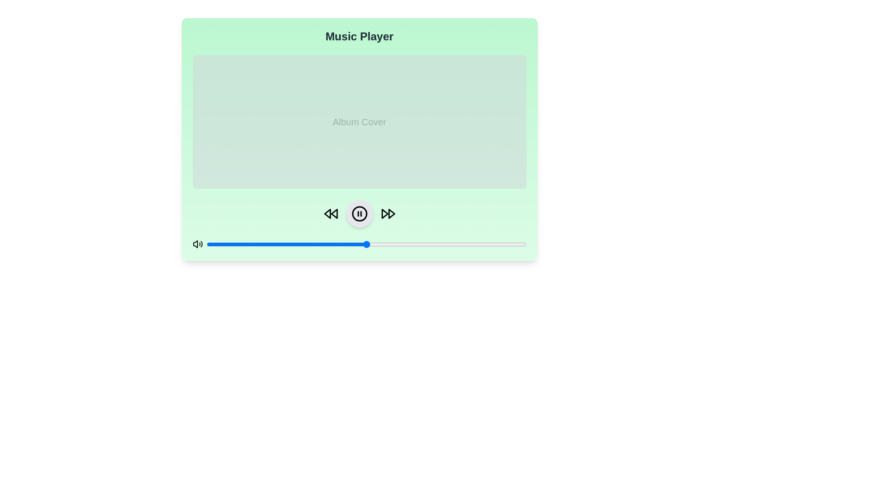  Describe the element at coordinates (359, 214) in the screenshot. I see `the pause button in the music player interface, which is centrally positioned among control buttons and is flanked by rewind and fast-forward buttons` at that location.